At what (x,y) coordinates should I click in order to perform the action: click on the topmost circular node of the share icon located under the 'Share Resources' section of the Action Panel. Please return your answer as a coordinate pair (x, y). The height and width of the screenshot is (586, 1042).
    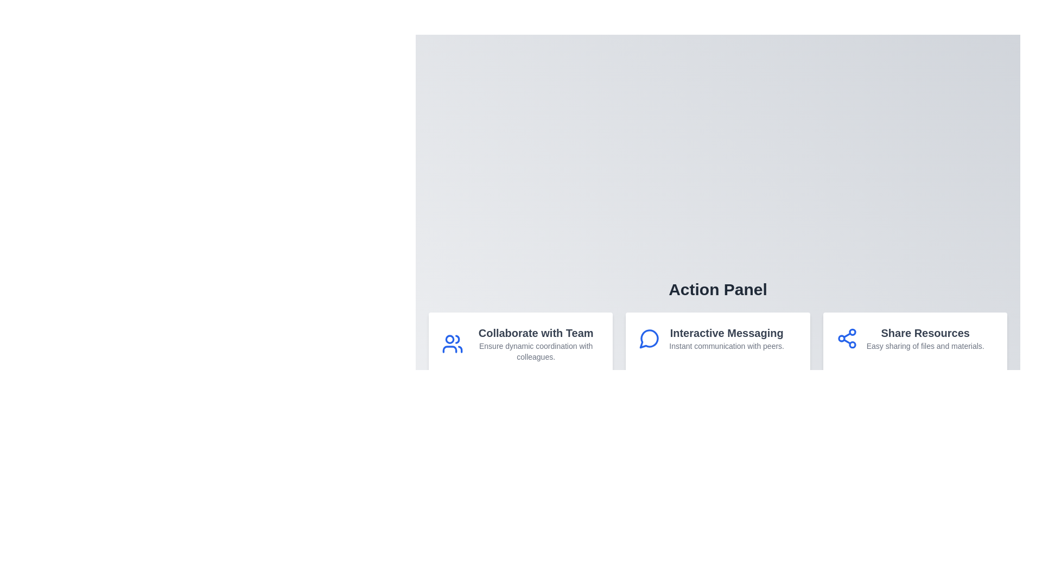
    Looking at the image, I should click on (852, 332).